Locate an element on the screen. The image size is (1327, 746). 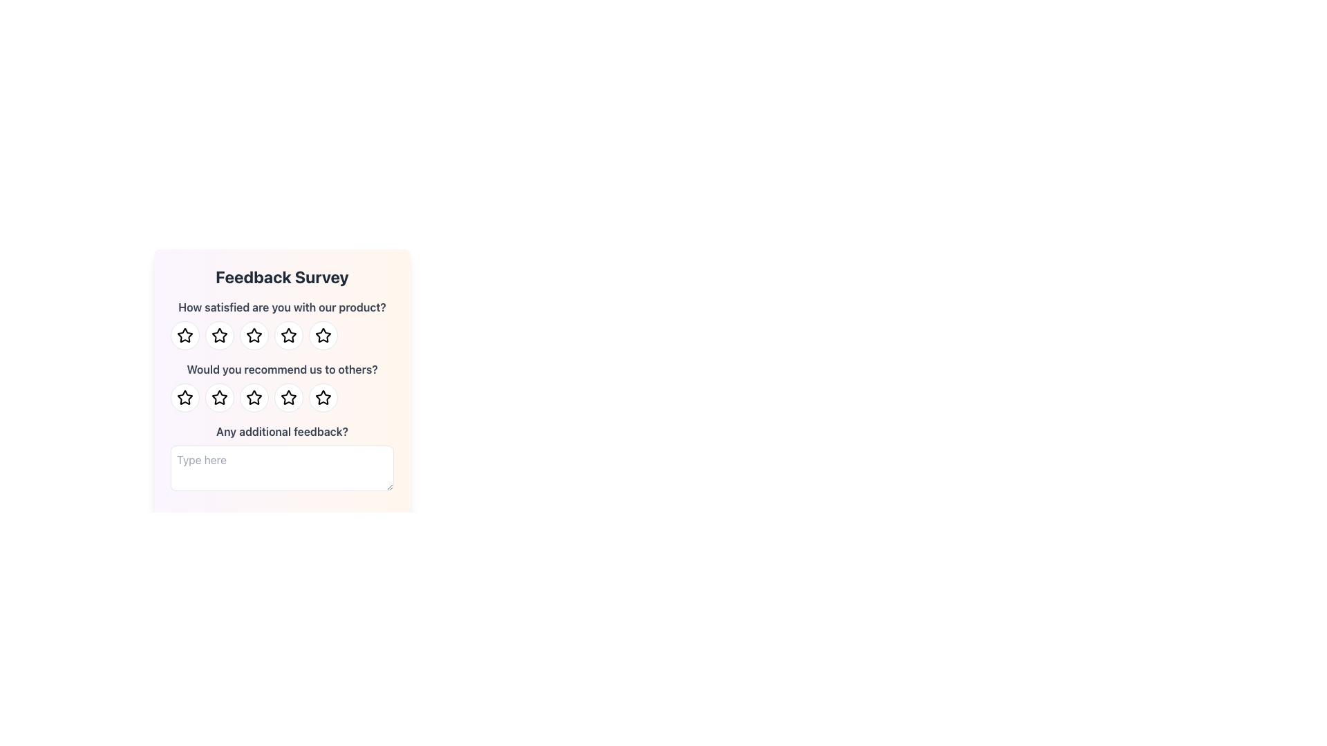
the text label displaying 'How satisfied are you with our product?' is located at coordinates (281, 306).